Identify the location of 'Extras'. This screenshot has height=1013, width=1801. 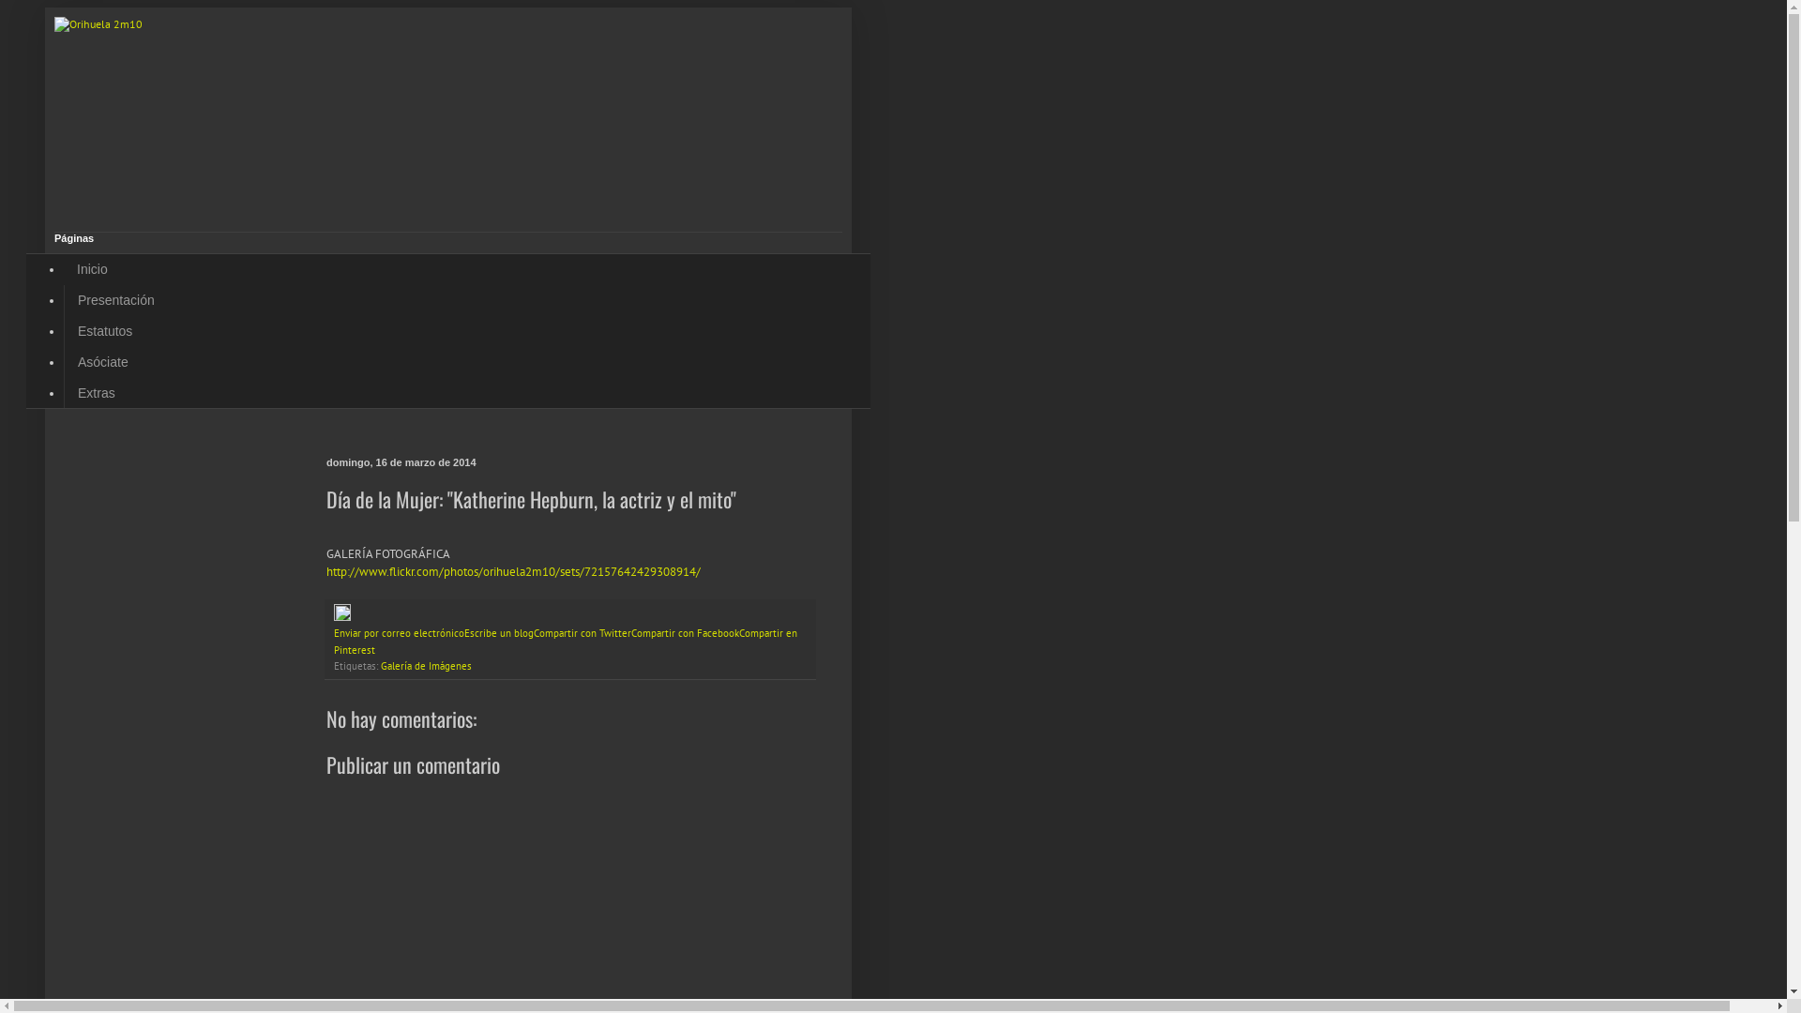
(95, 391).